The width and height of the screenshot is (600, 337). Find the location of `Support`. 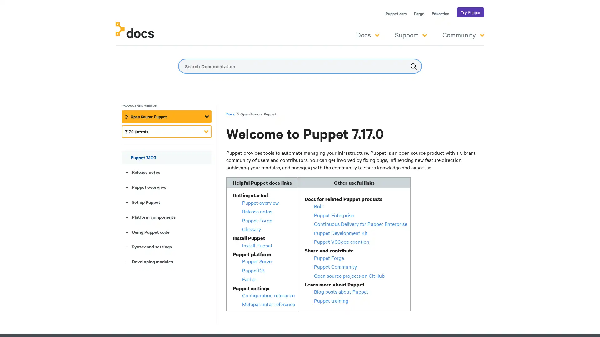

Support is located at coordinates (411, 38).